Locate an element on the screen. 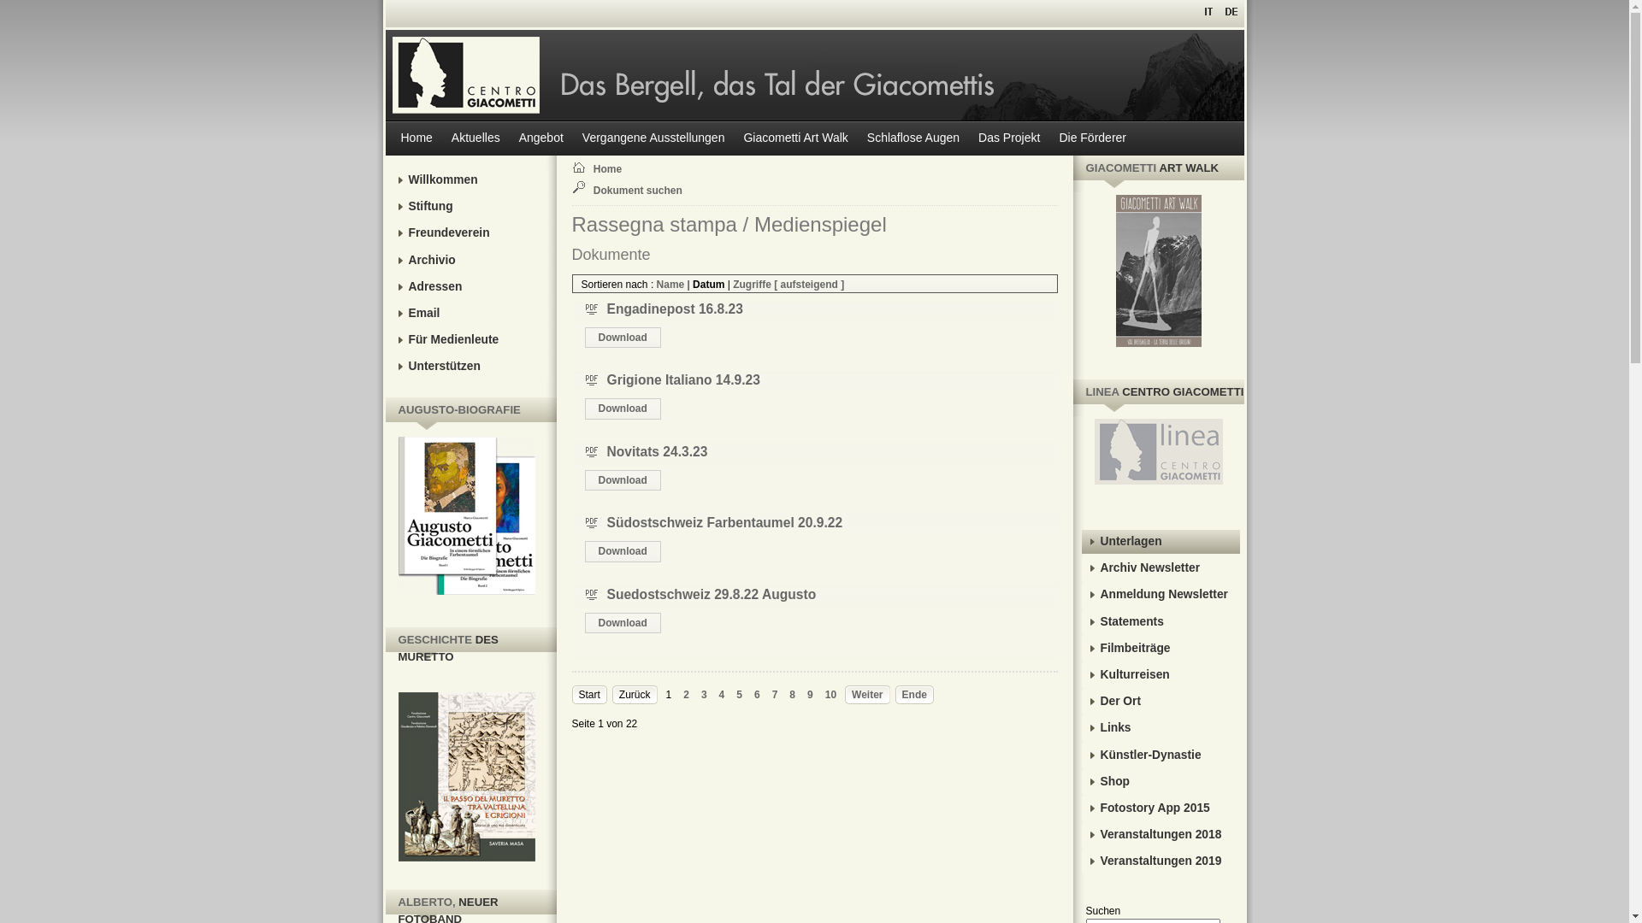 The width and height of the screenshot is (1642, 923). 'Vergangene Ausstellungen' is located at coordinates (574, 137).